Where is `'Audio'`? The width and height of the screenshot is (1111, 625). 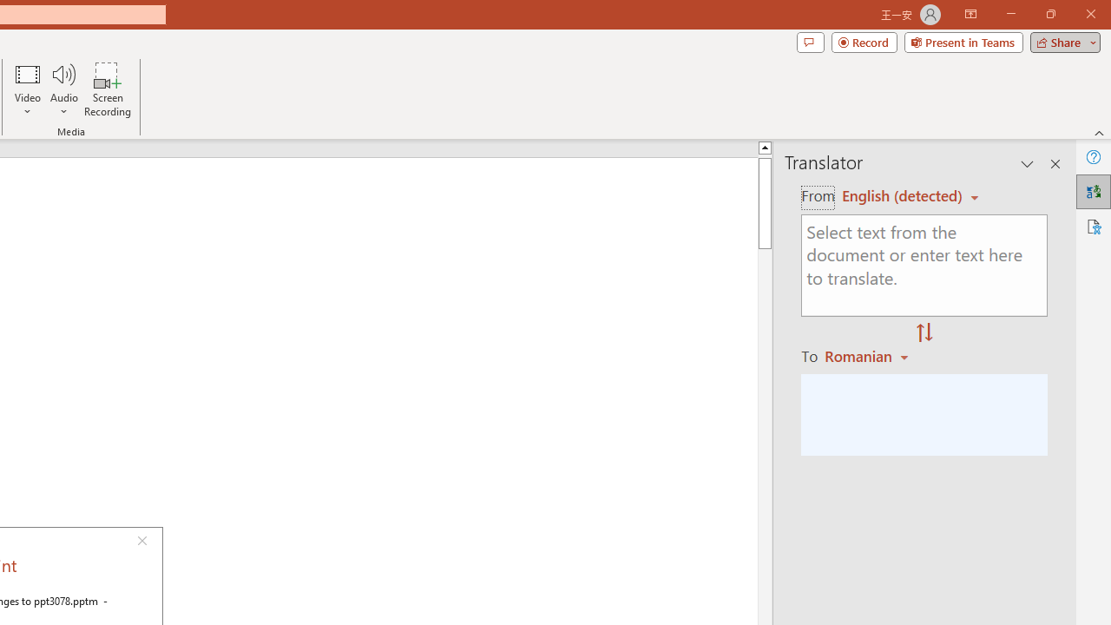 'Audio' is located at coordinates (63, 89).